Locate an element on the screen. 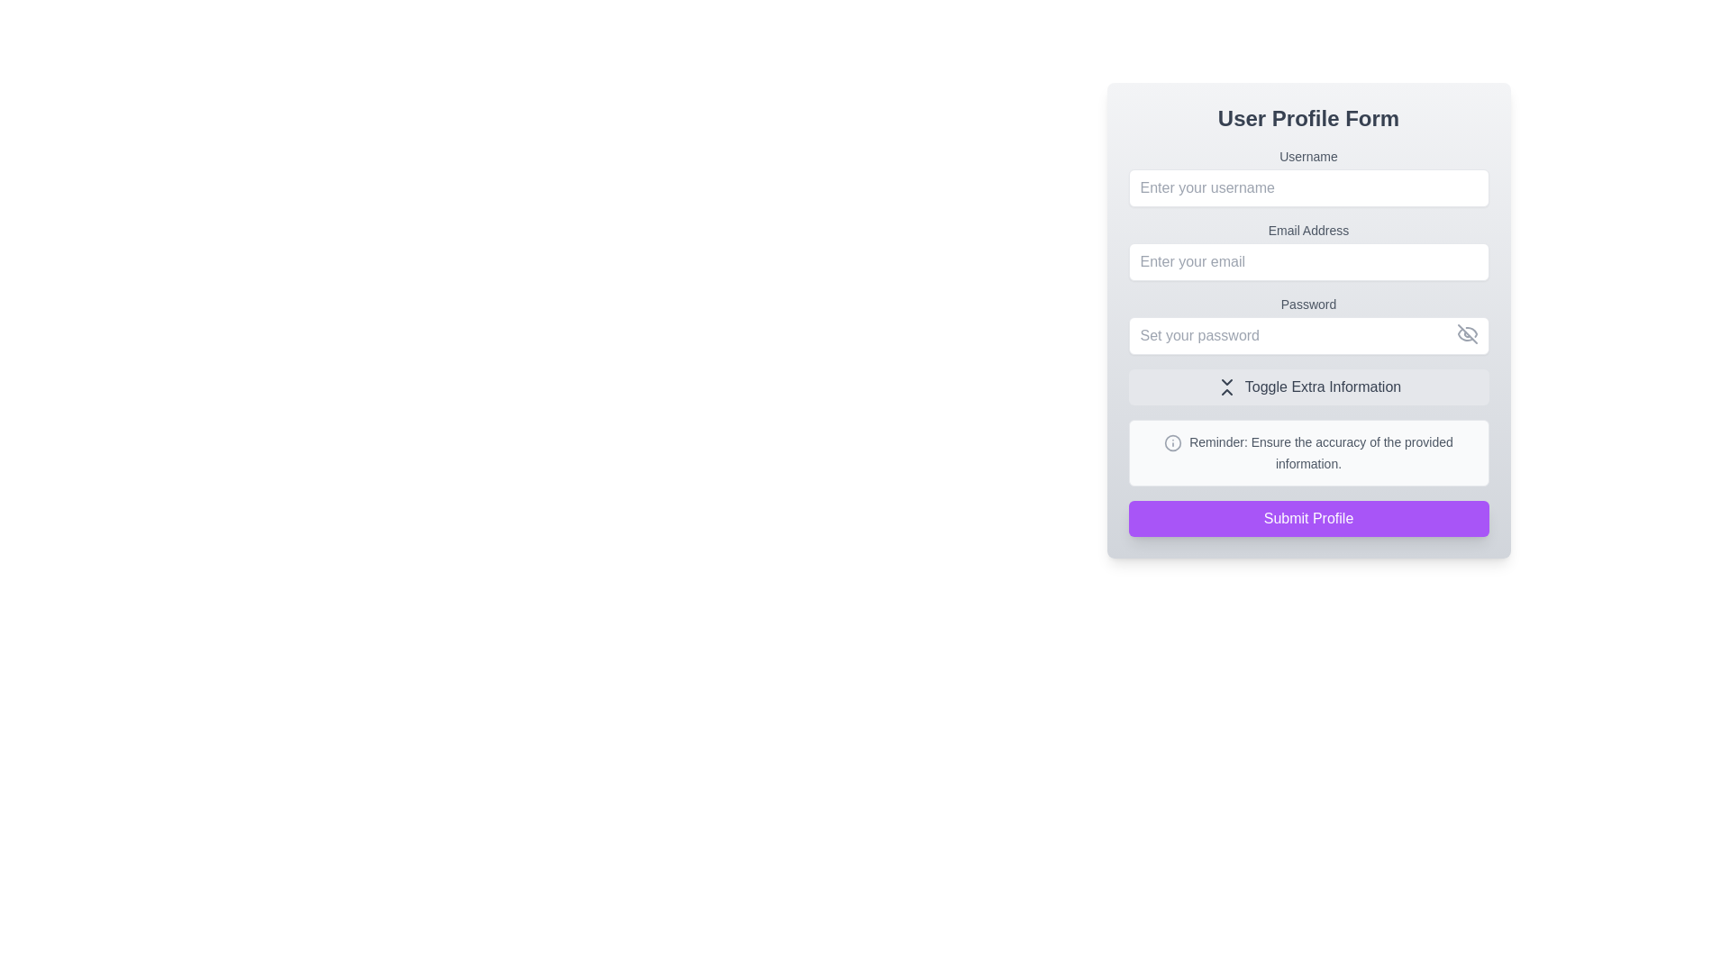 Image resolution: width=1730 pixels, height=973 pixels. the submission button for the 'User Profile Form' to observe styling changes is located at coordinates (1308, 518).